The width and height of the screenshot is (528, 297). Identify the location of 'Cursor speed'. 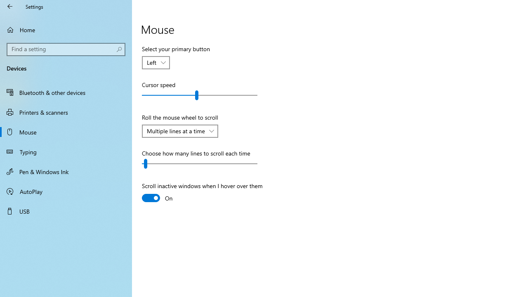
(200, 95).